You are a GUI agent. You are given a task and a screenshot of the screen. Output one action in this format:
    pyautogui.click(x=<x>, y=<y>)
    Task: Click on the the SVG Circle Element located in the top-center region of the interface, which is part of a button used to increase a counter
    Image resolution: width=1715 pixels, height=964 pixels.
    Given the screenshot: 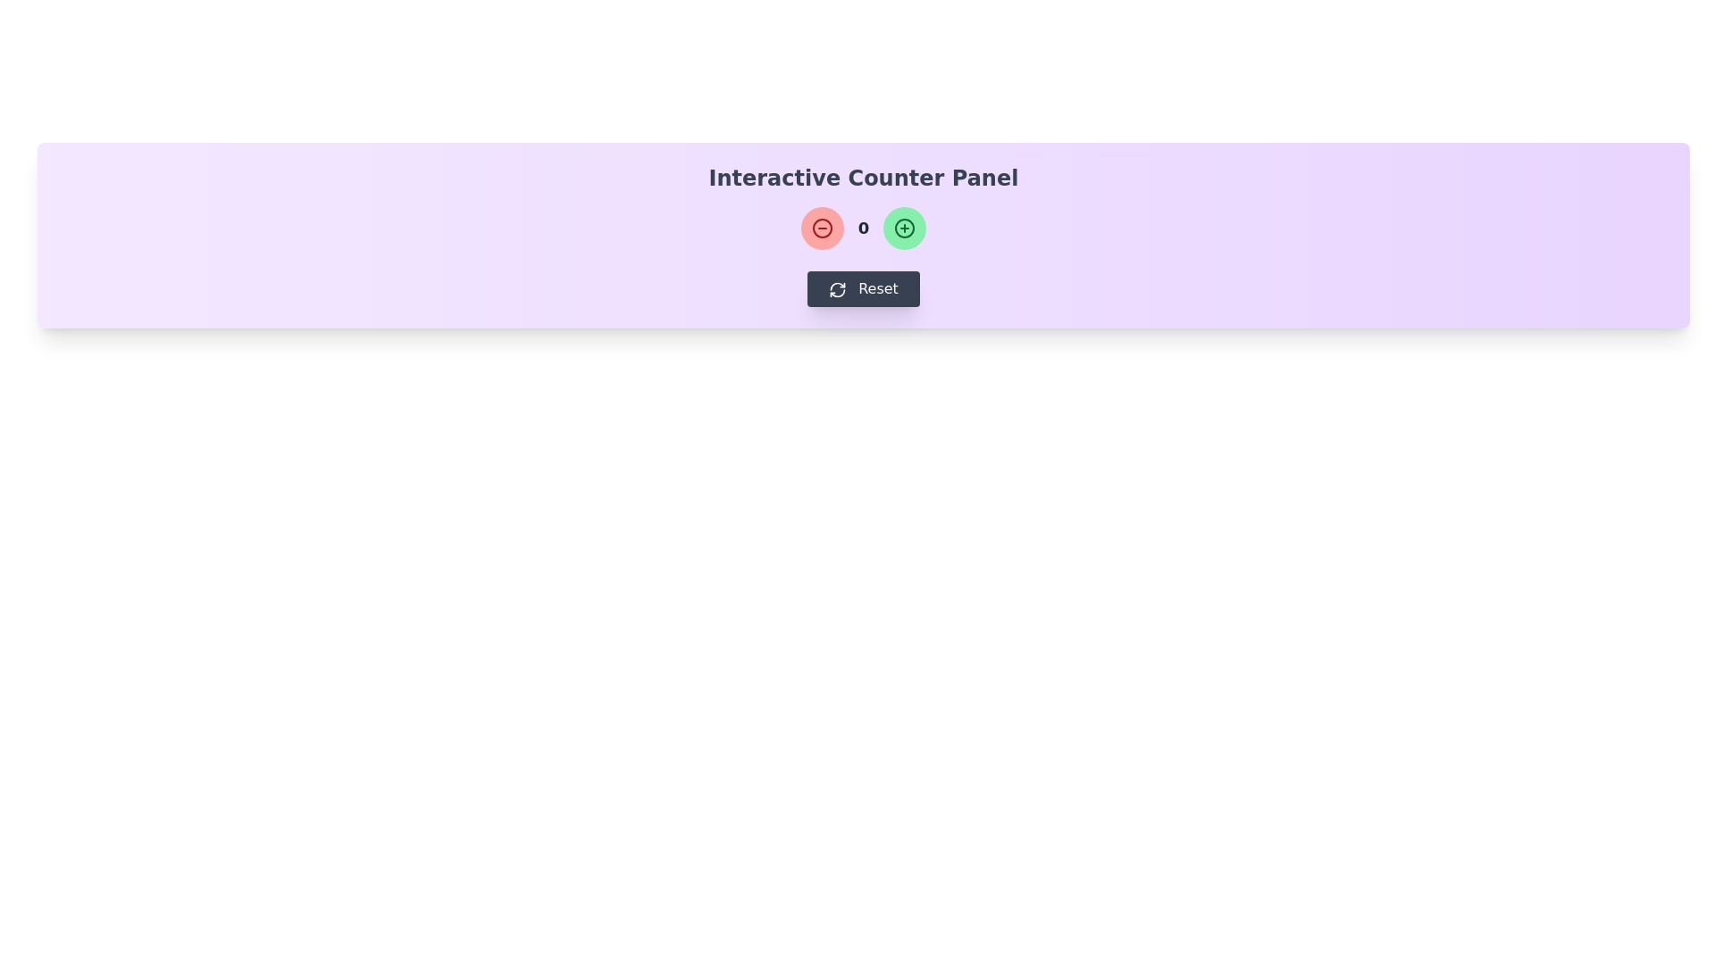 What is the action you would take?
    pyautogui.click(x=905, y=227)
    